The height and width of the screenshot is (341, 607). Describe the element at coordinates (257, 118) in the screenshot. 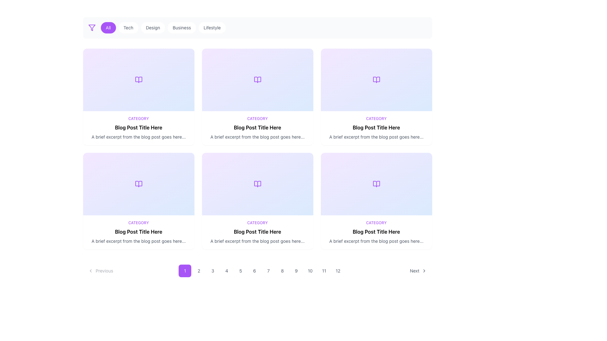

I see `text from the small text label displaying 'CATEGORY' in uppercase letters, styled in purple color, located above the title 'Blog Post Title Here'` at that location.